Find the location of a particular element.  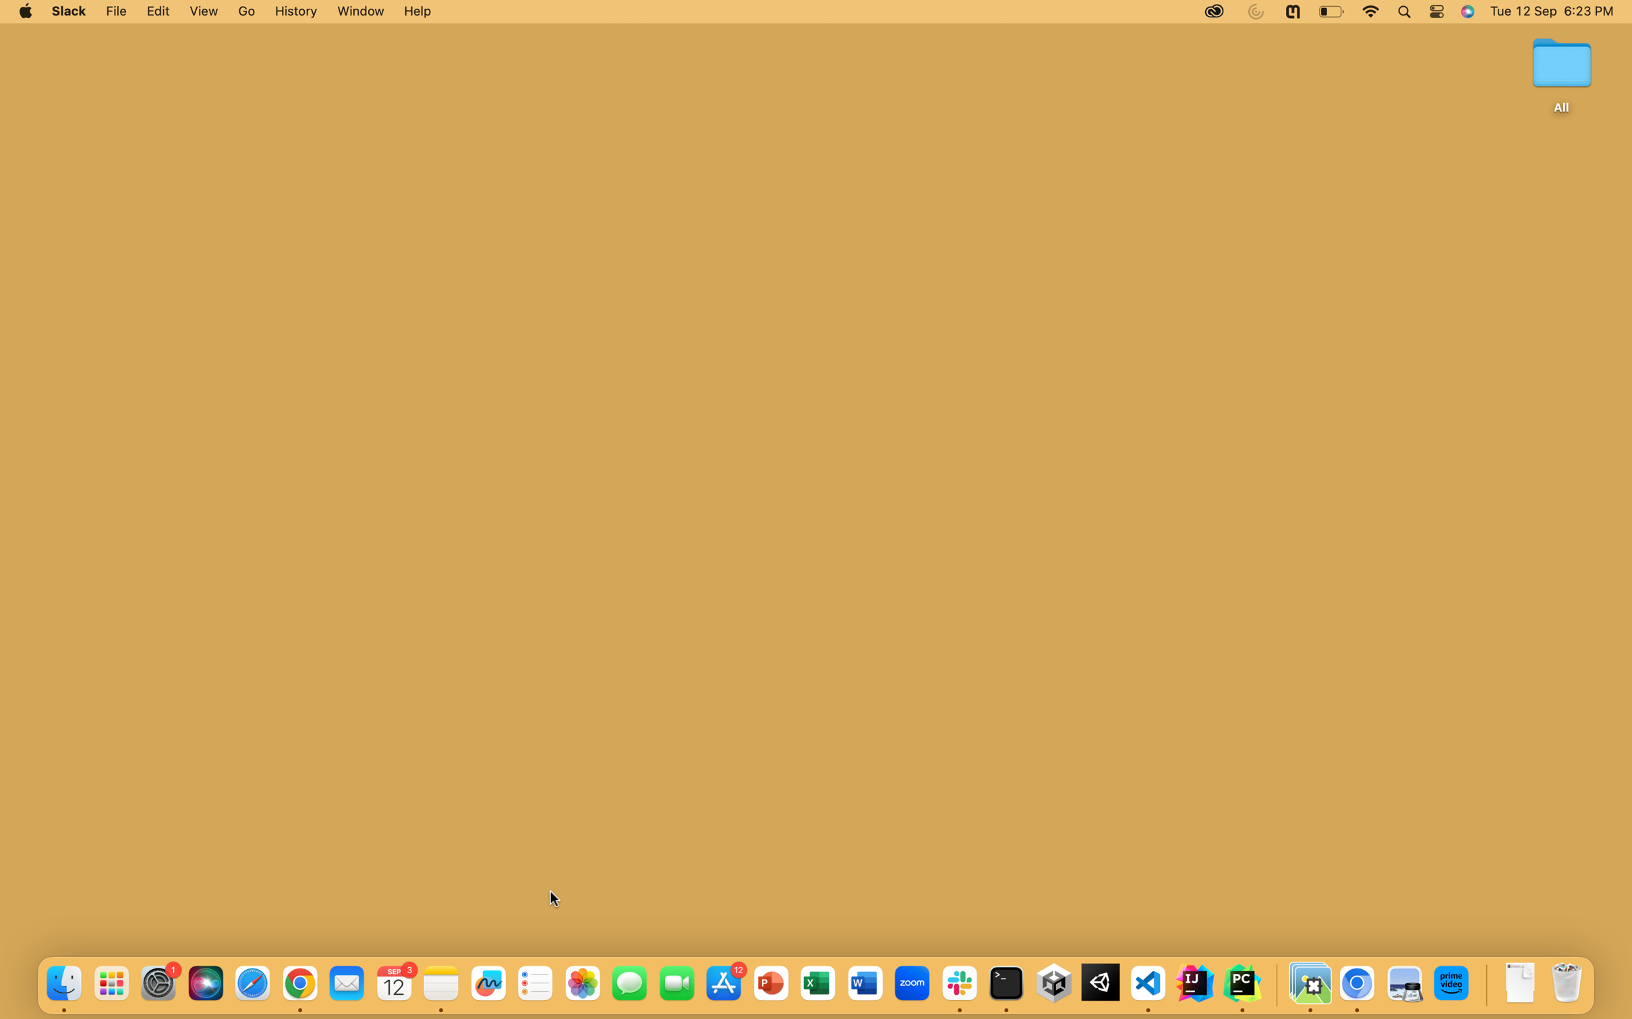

the History Options menu is located at coordinates (295, 11).